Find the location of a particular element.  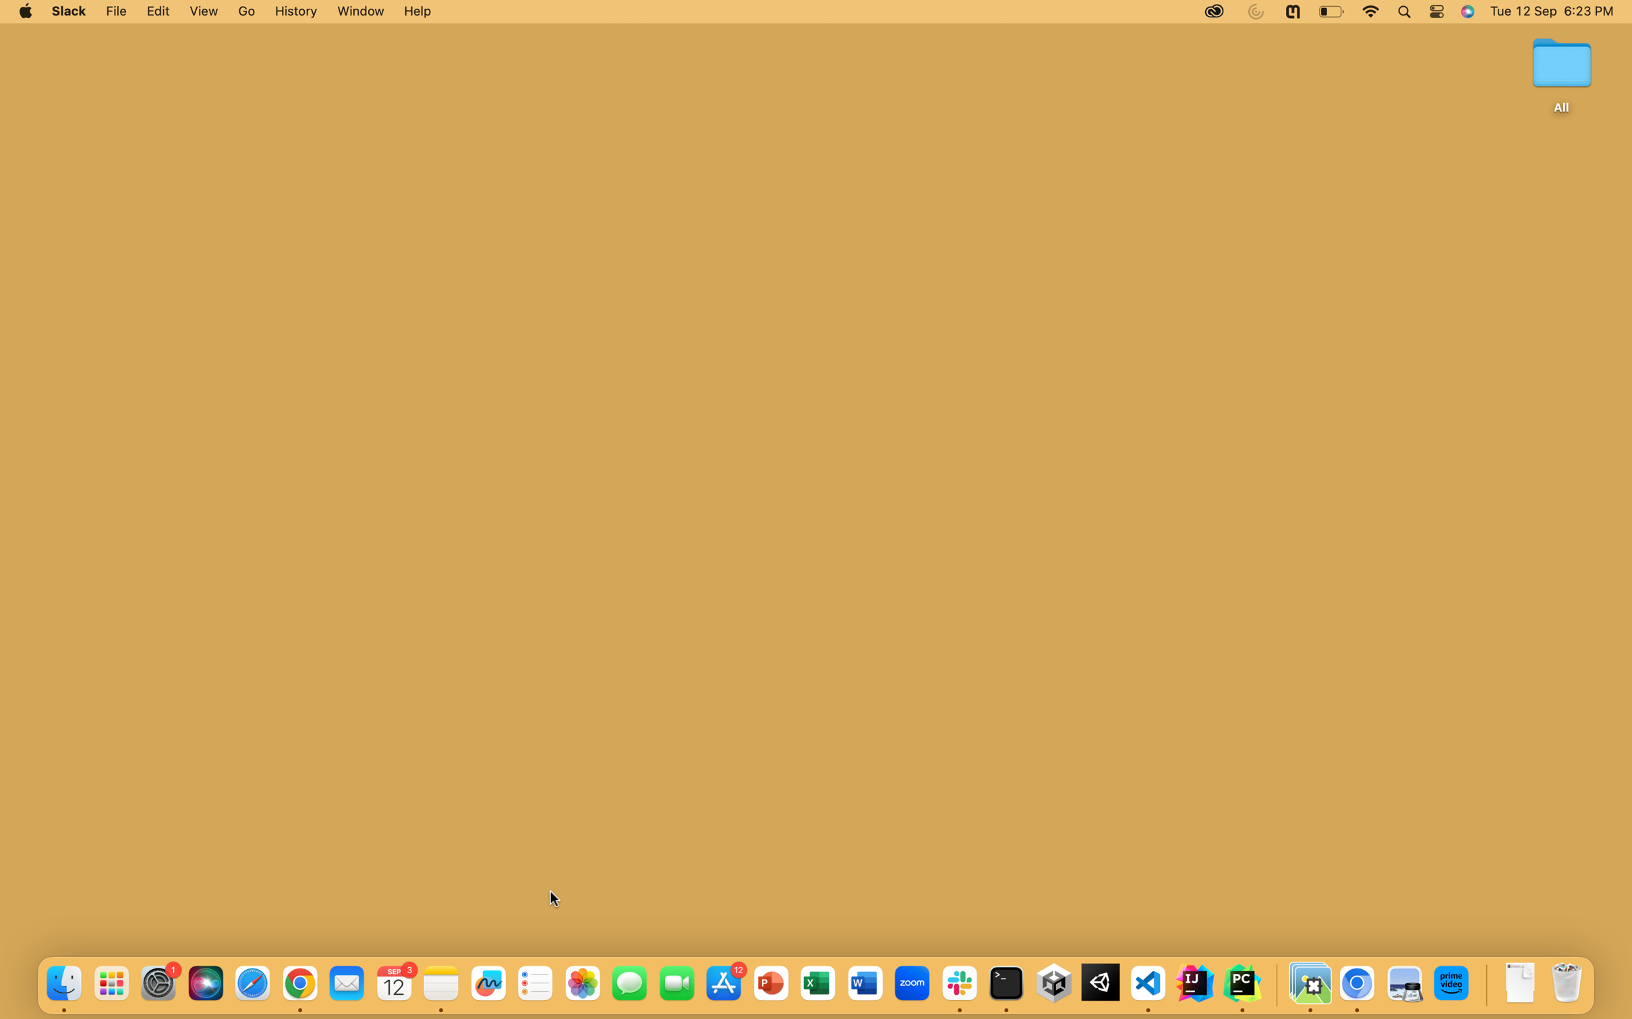

the History Options menu is located at coordinates (295, 11).